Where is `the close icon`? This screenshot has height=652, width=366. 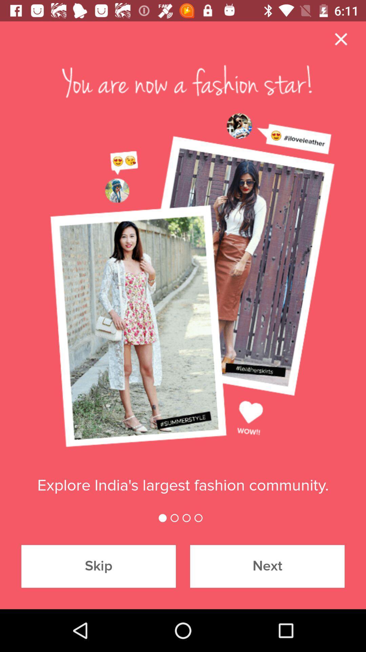 the close icon is located at coordinates (341, 39).